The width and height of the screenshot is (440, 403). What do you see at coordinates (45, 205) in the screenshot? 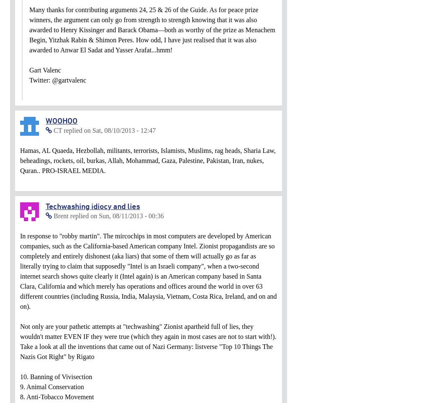
I see `'Techwashing idiocy and lies'` at bounding box center [45, 205].